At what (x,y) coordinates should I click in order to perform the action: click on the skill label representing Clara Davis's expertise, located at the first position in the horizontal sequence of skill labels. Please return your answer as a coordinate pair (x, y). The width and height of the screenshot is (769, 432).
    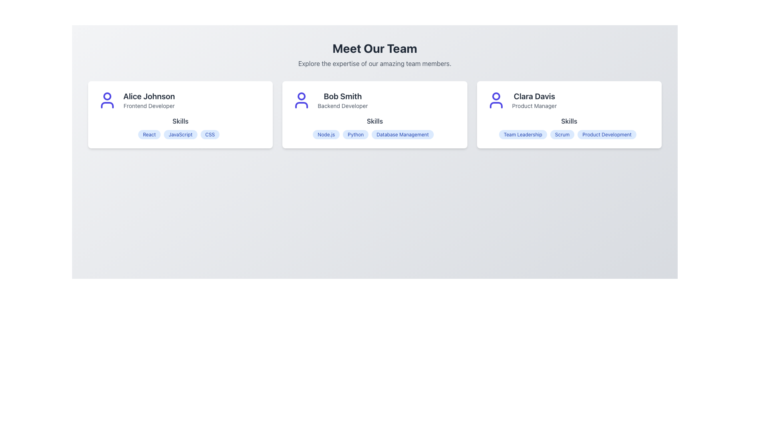
    Looking at the image, I should click on (523, 134).